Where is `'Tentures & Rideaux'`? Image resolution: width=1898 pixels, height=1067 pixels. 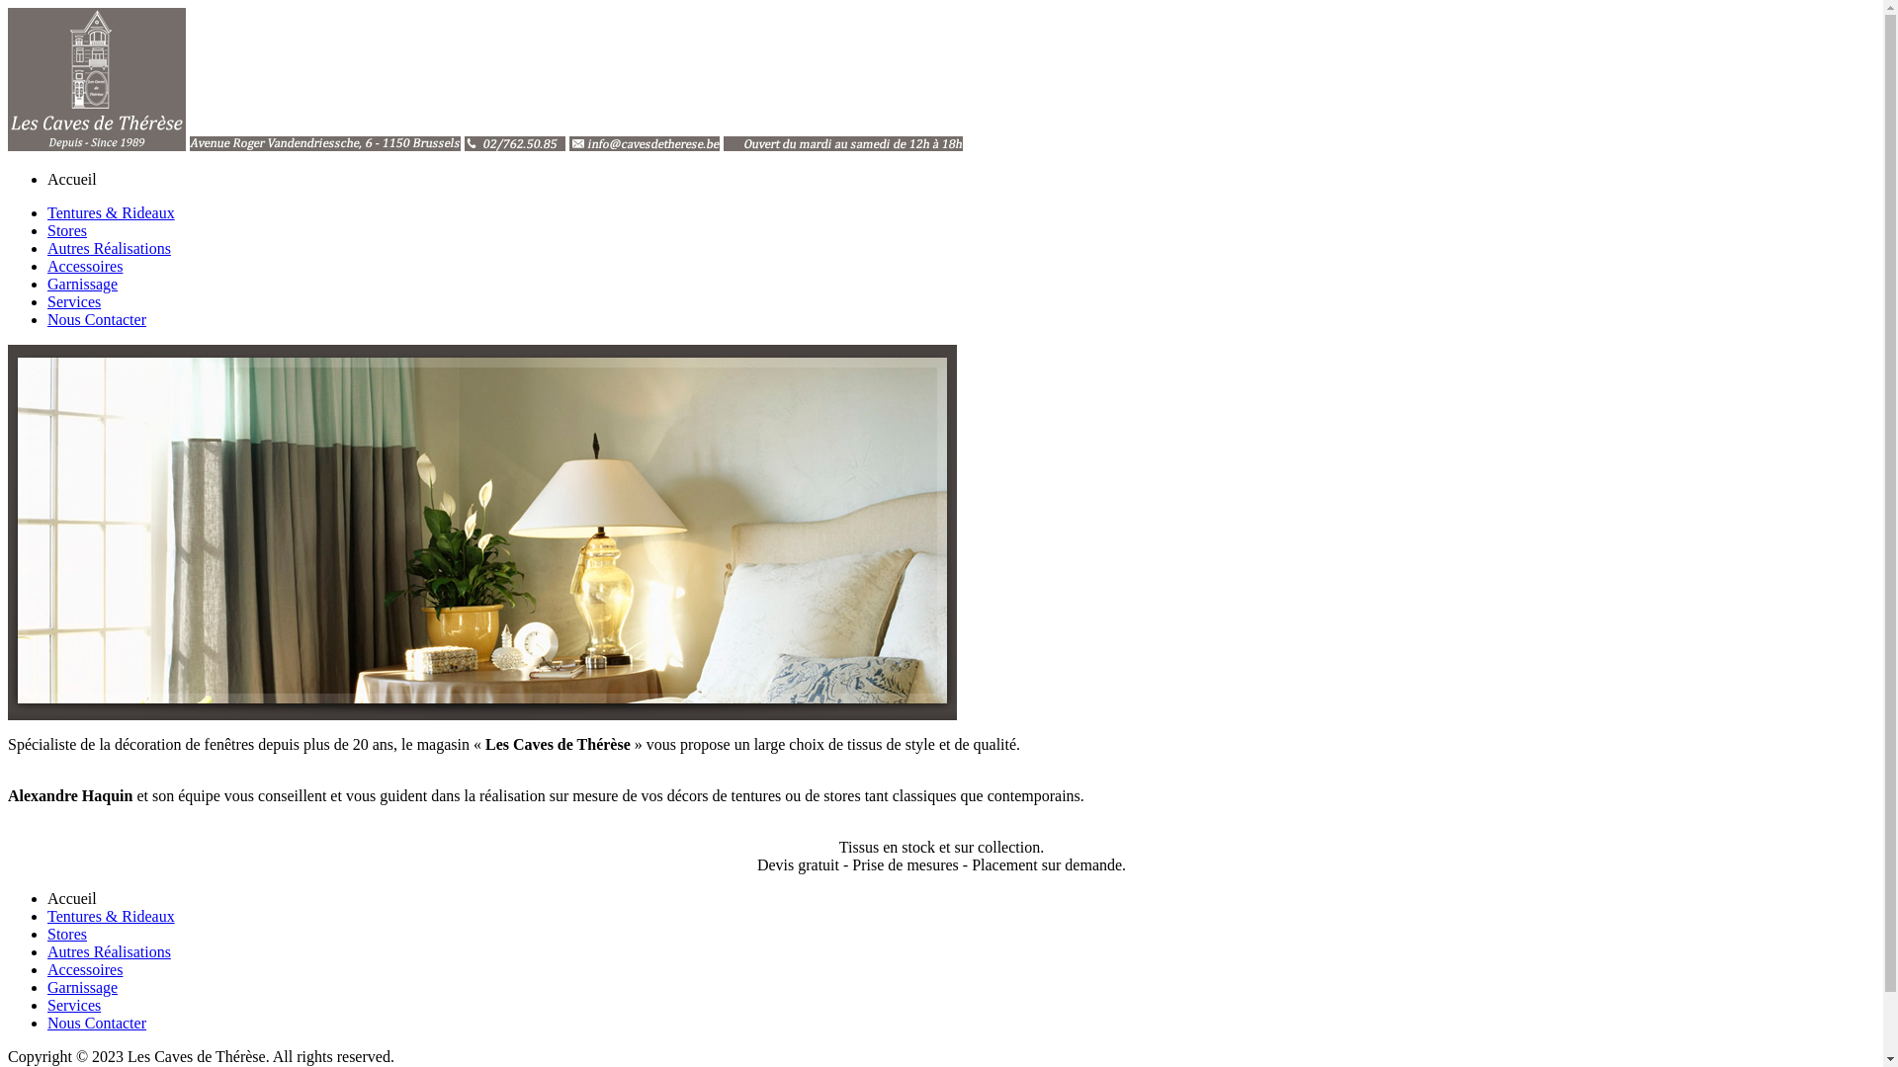
'Tentures & Rideaux' is located at coordinates (110, 212).